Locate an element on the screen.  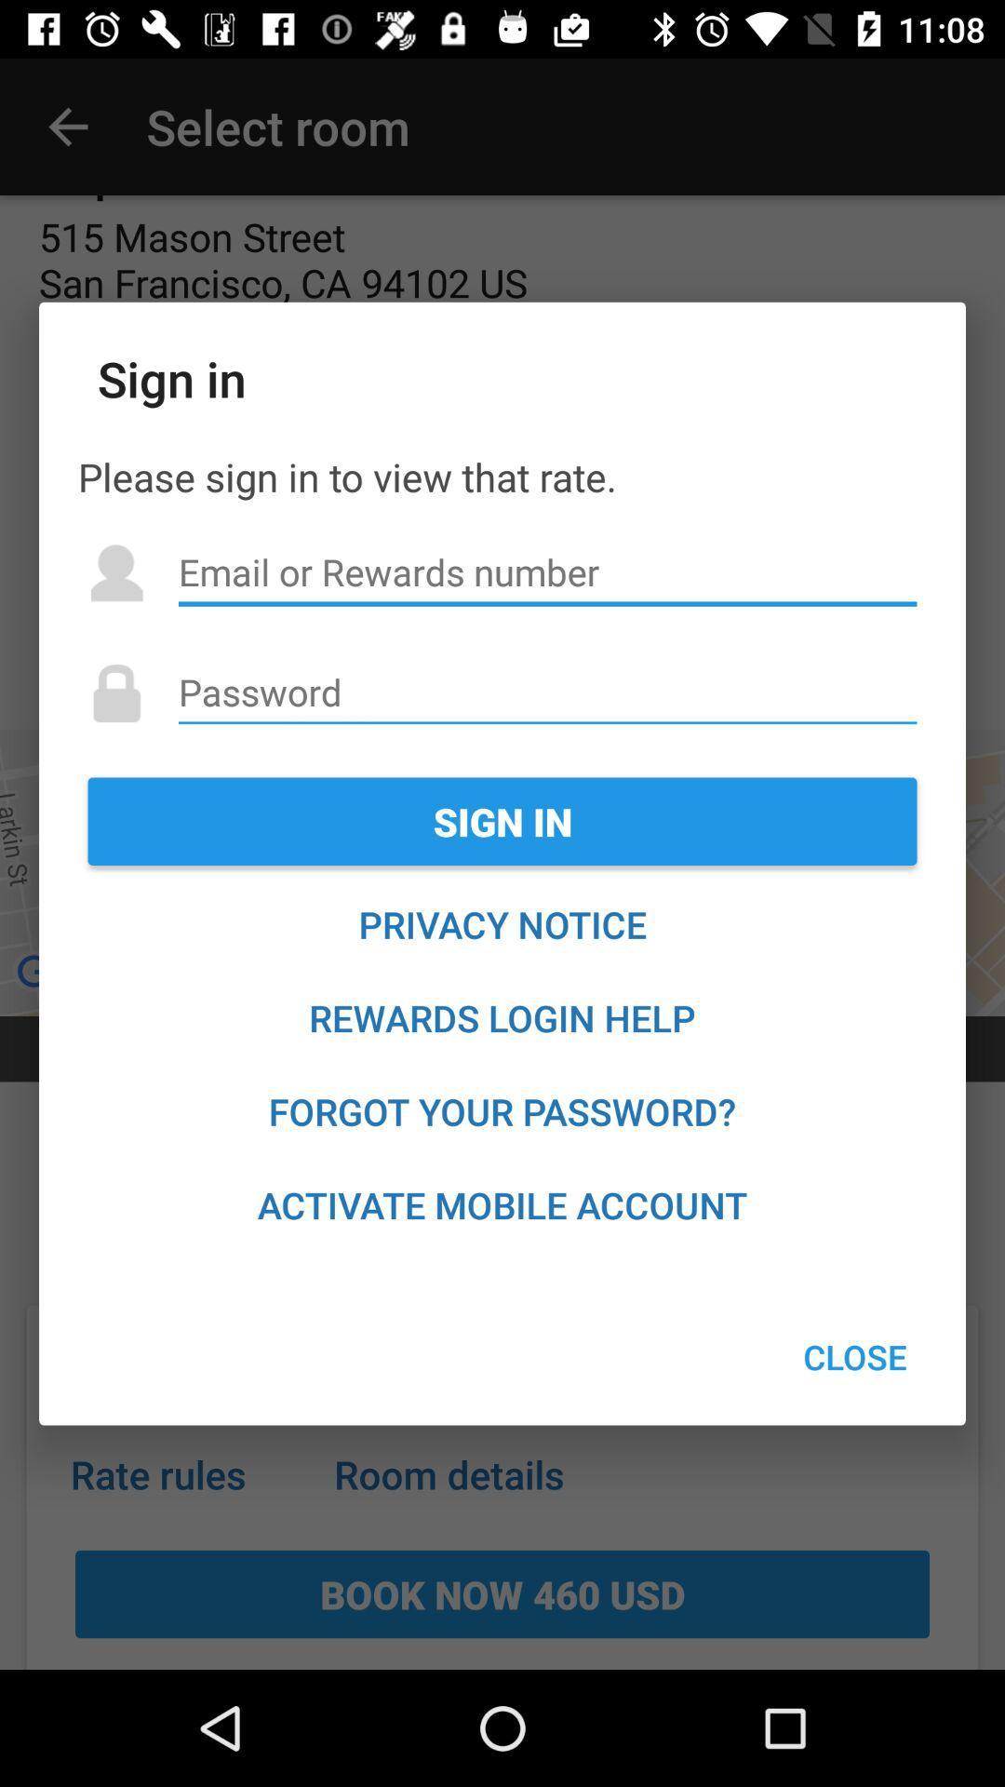
item above the close item is located at coordinates (502, 1204).